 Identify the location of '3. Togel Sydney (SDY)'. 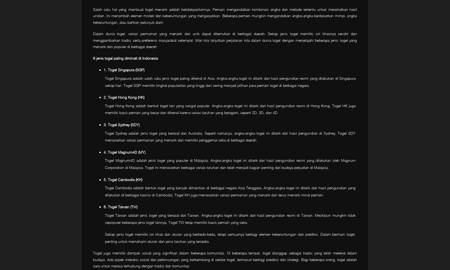
(121, 124).